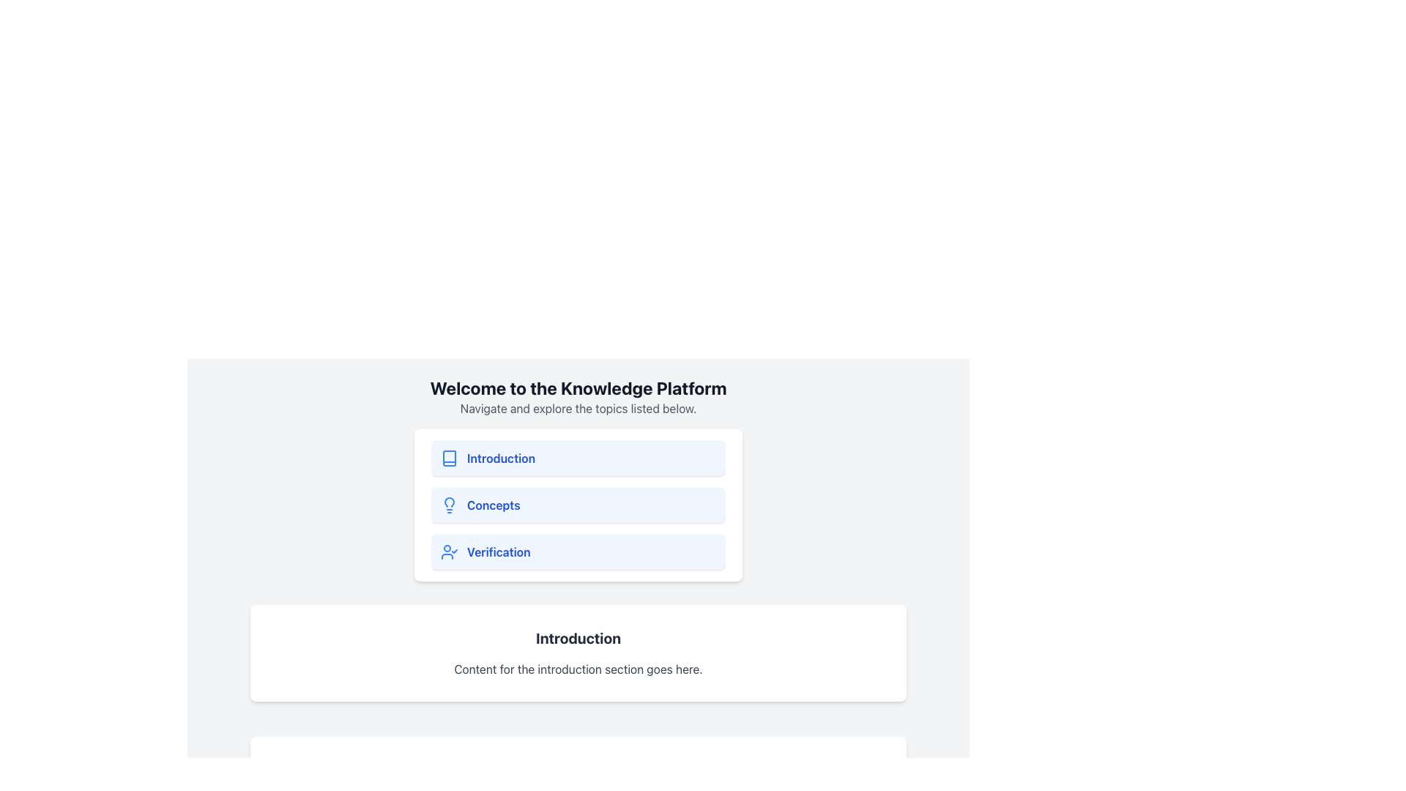 This screenshot has height=791, width=1406. I want to click on the 'Concepts' button, which is the second item in a vertical list of three options, so click(578, 505).